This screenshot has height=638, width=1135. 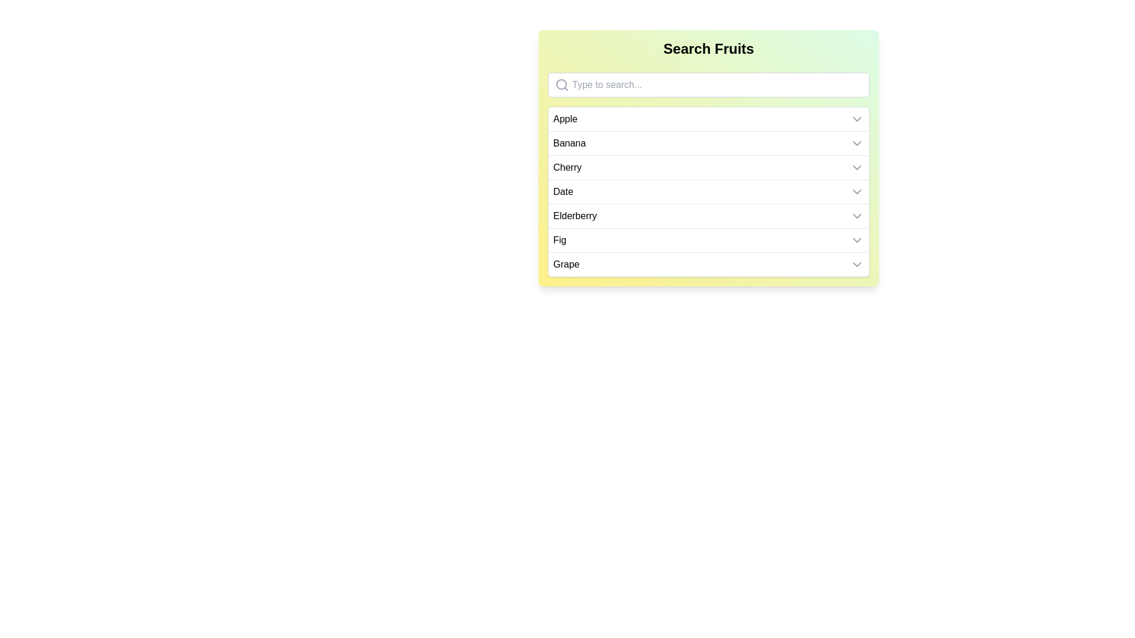 I want to click on the list item labeled 'Elderberry' with a dropdown indicator, so click(x=709, y=216).